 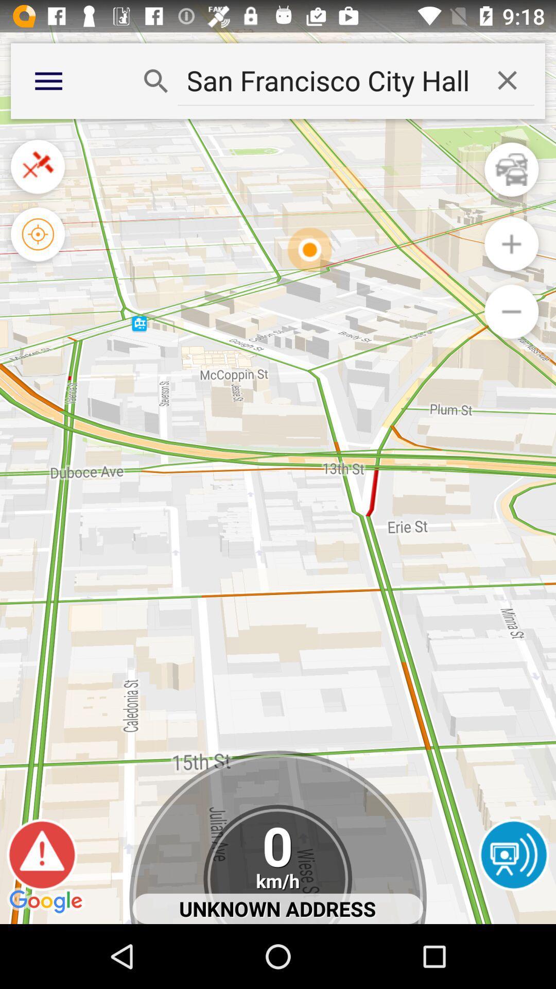 What do you see at coordinates (37, 178) in the screenshot?
I see `the close icon` at bounding box center [37, 178].